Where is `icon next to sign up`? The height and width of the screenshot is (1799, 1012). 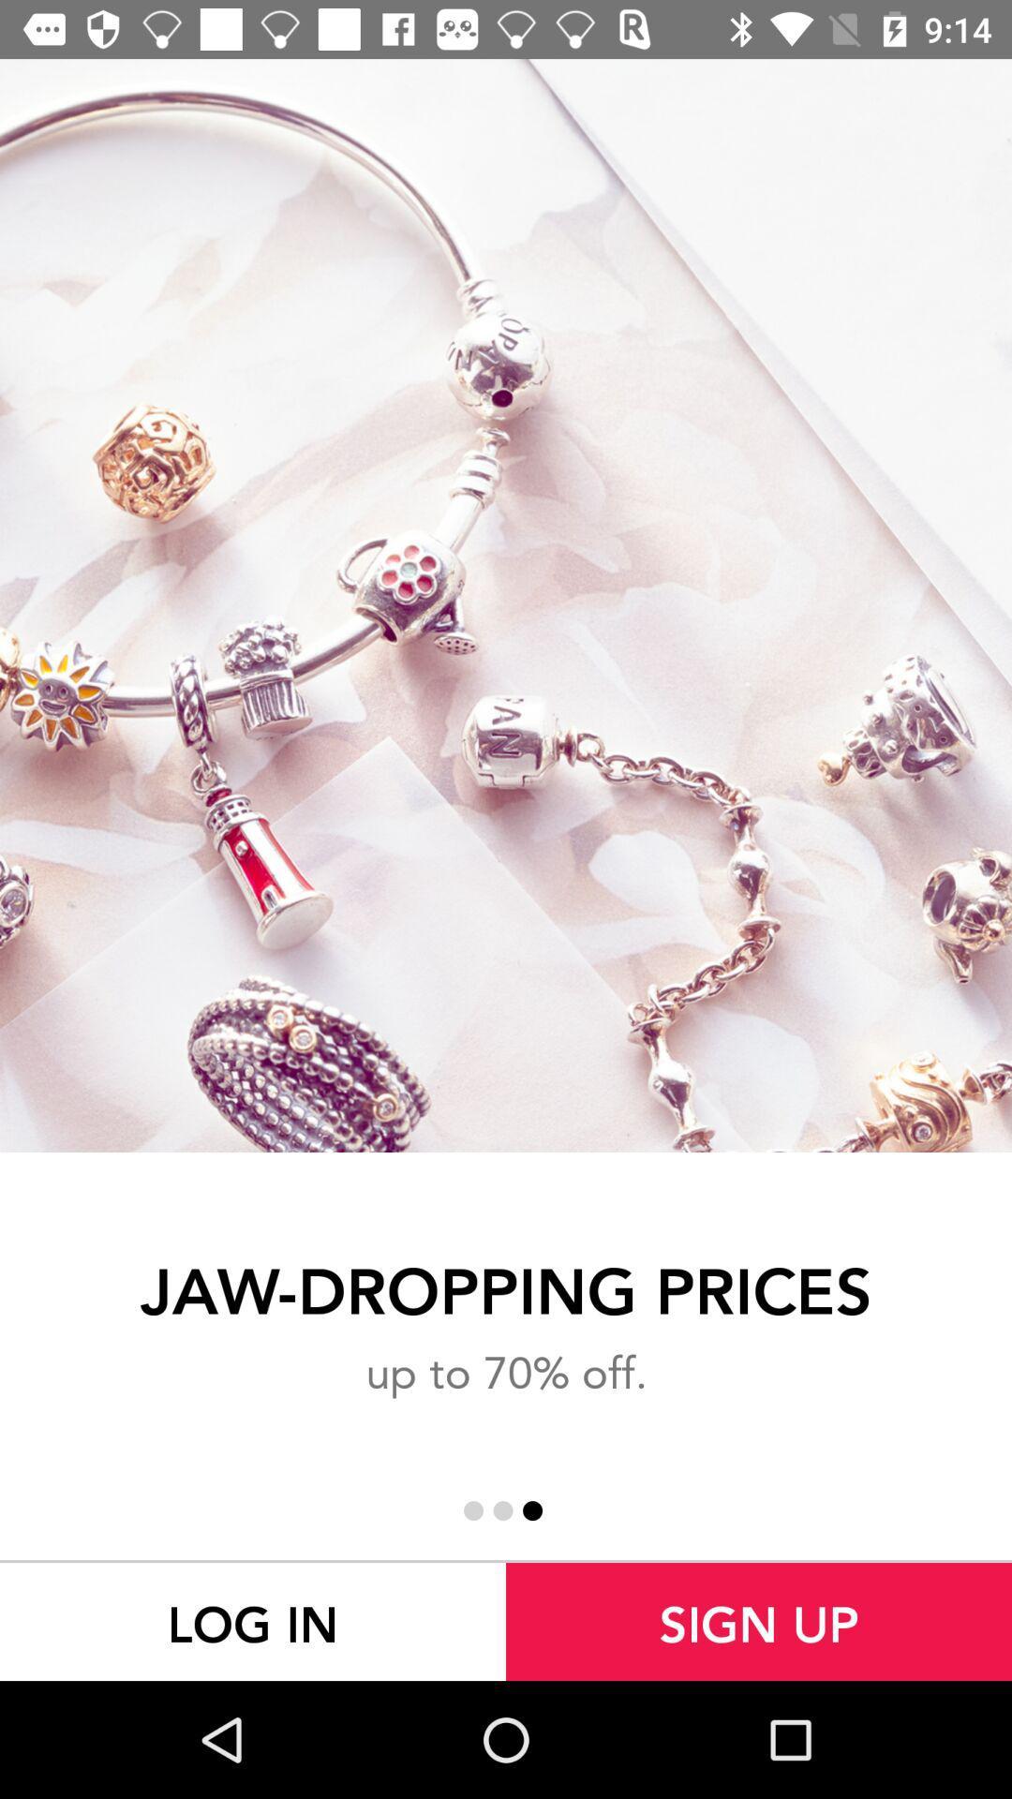
icon next to sign up is located at coordinates (253, 1621).